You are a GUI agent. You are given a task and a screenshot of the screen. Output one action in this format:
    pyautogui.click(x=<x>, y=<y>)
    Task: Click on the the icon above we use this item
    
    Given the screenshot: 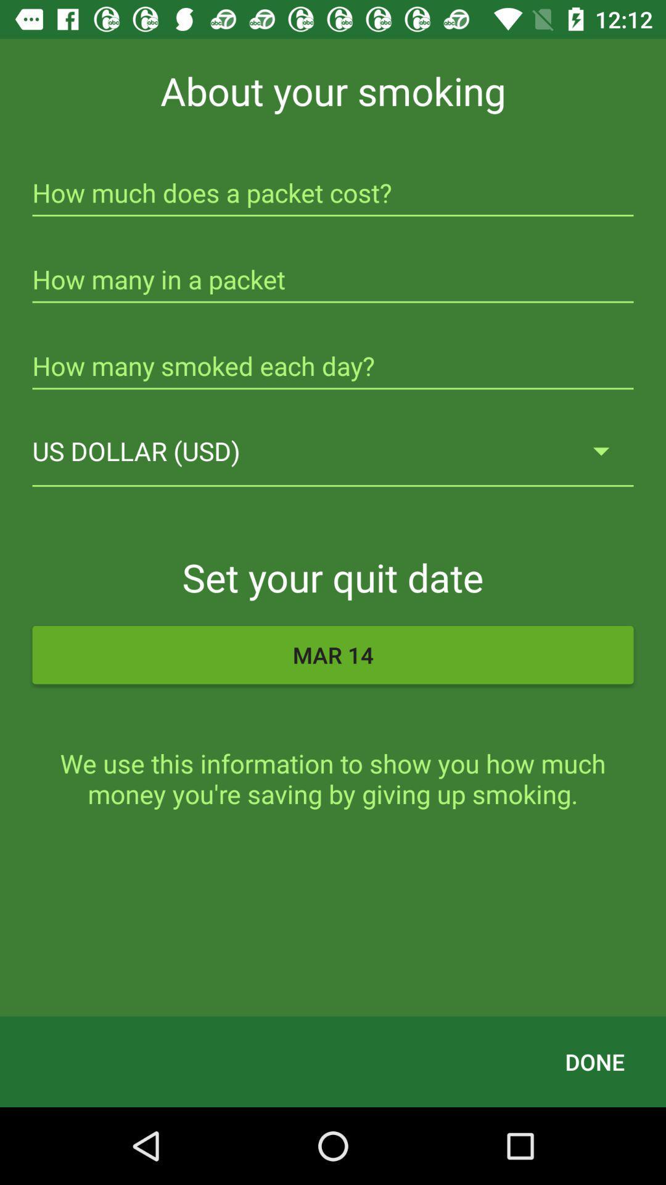 What is the action you would take?
    pyautogui.click(x=333, y=654)
    